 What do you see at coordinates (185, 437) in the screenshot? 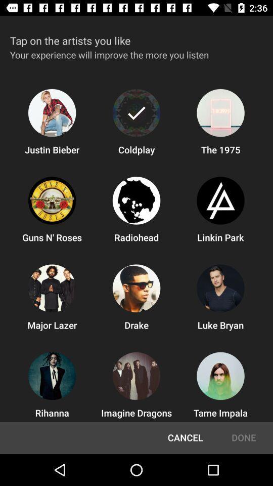
I see `the item to the left of done` at bounding box center [185, 437].